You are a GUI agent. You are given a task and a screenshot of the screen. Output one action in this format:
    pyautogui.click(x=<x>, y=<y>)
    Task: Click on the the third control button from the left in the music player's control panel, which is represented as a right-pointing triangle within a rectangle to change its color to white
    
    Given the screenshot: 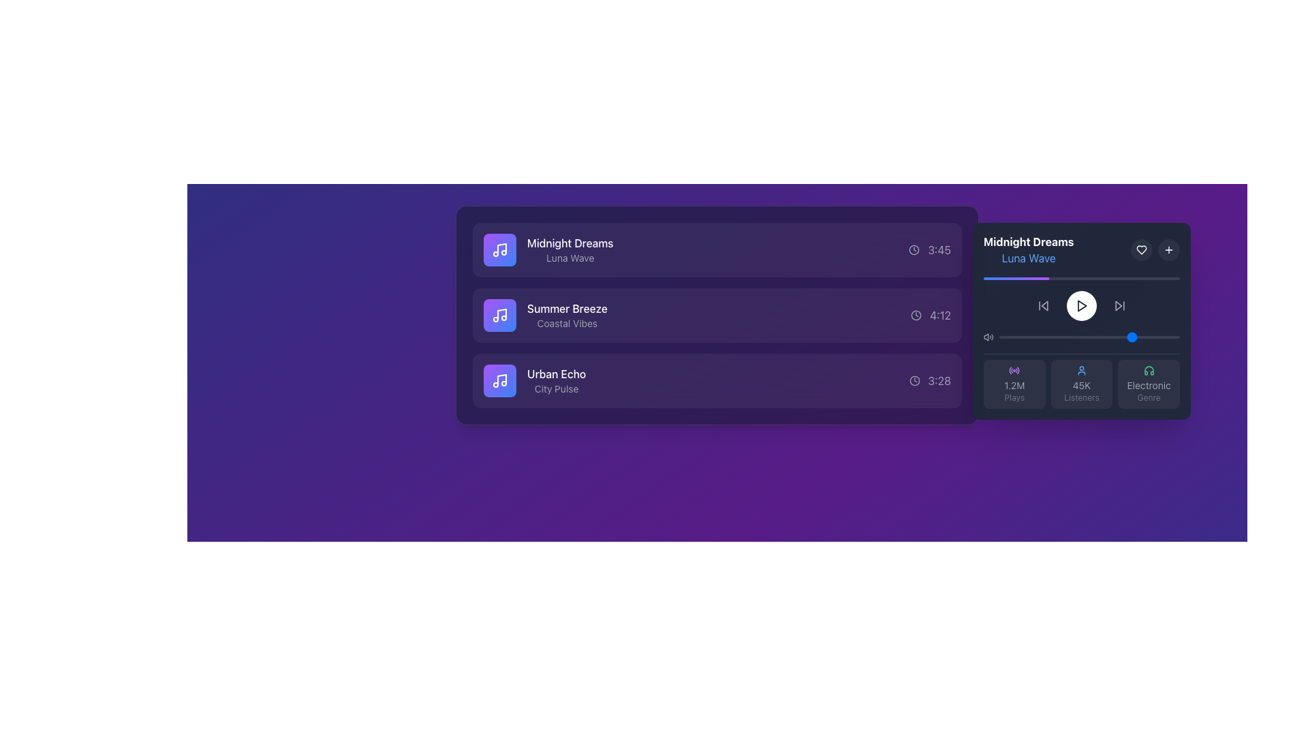 What is the action you would take?
    pyautogui.click(x=1119, y=305)
    